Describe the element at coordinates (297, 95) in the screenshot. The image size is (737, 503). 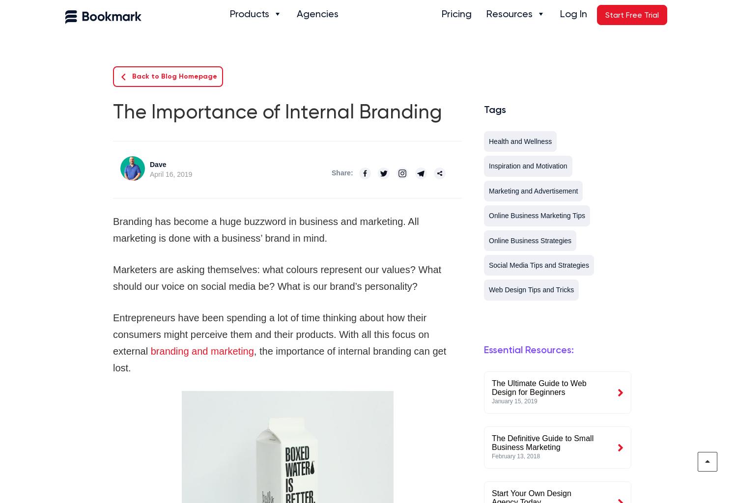
I see `'Every Bookmark website is ready for your Ecommerce online store.'` at that location.